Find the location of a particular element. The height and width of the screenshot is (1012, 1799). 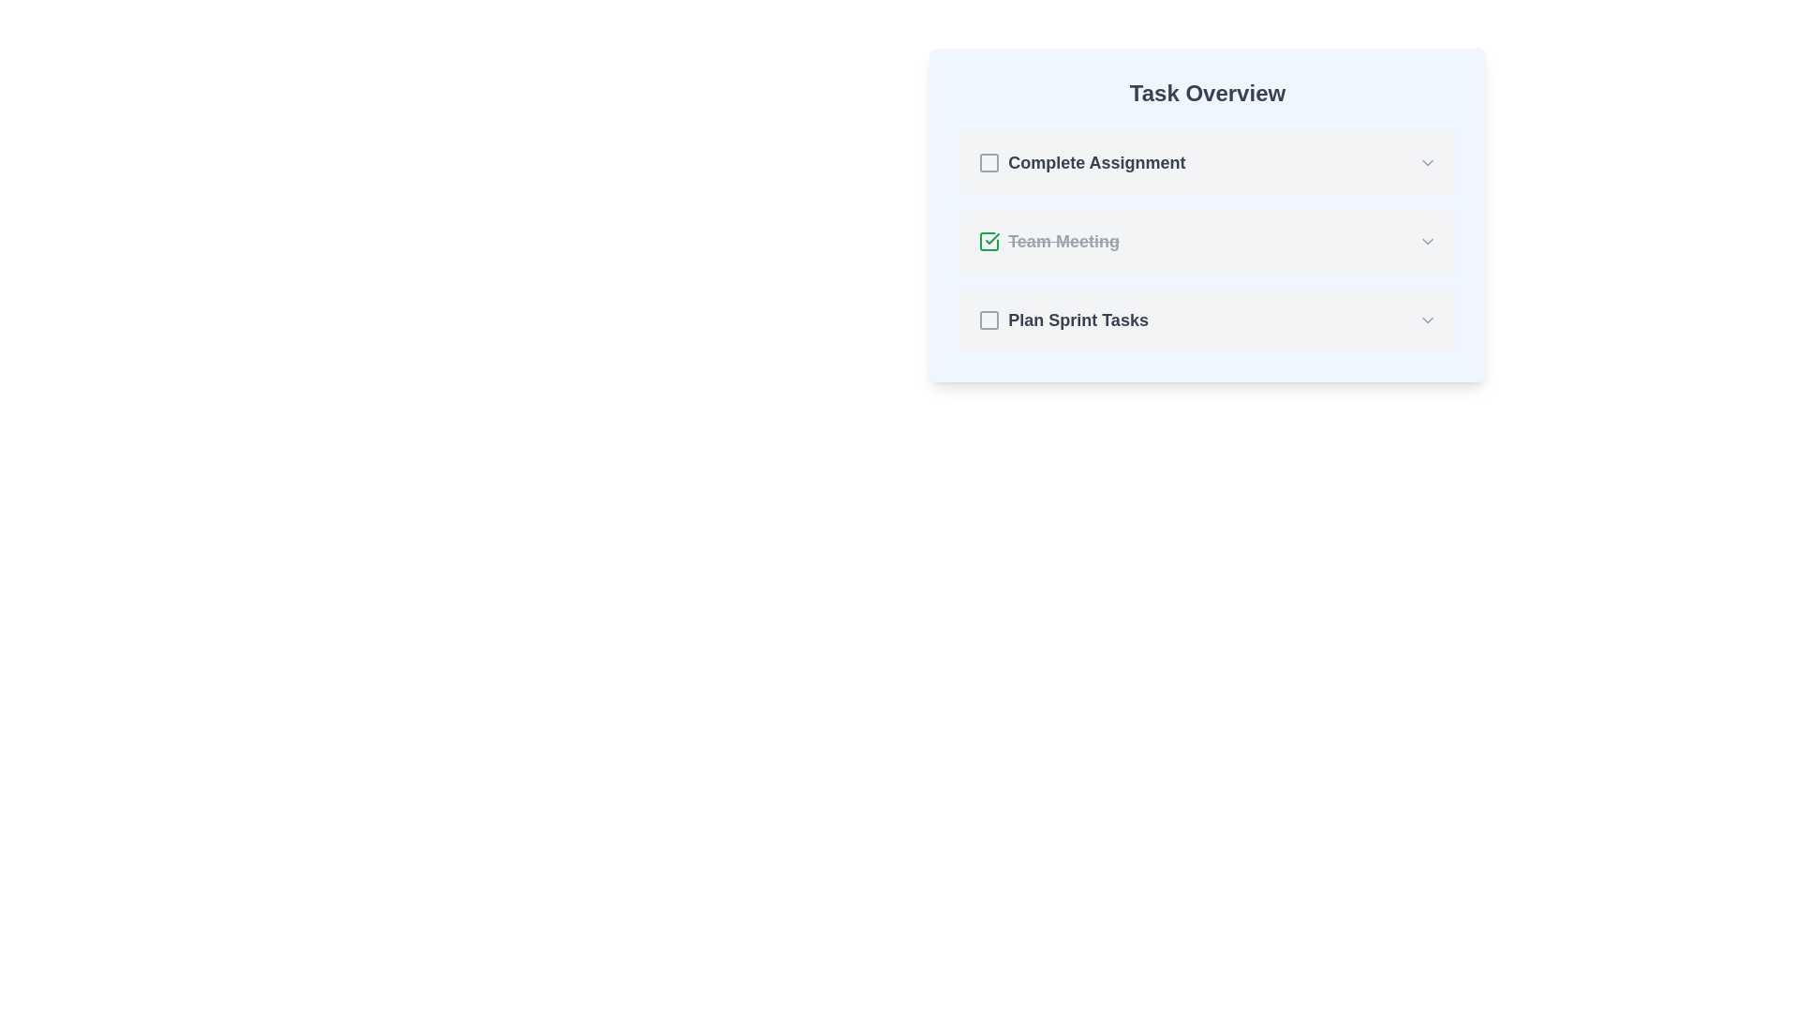

the 'Plan Sprint Tasks' text label, which is the third task item listed in the 'Task Overview' section is located at coordinates (1078, 320).